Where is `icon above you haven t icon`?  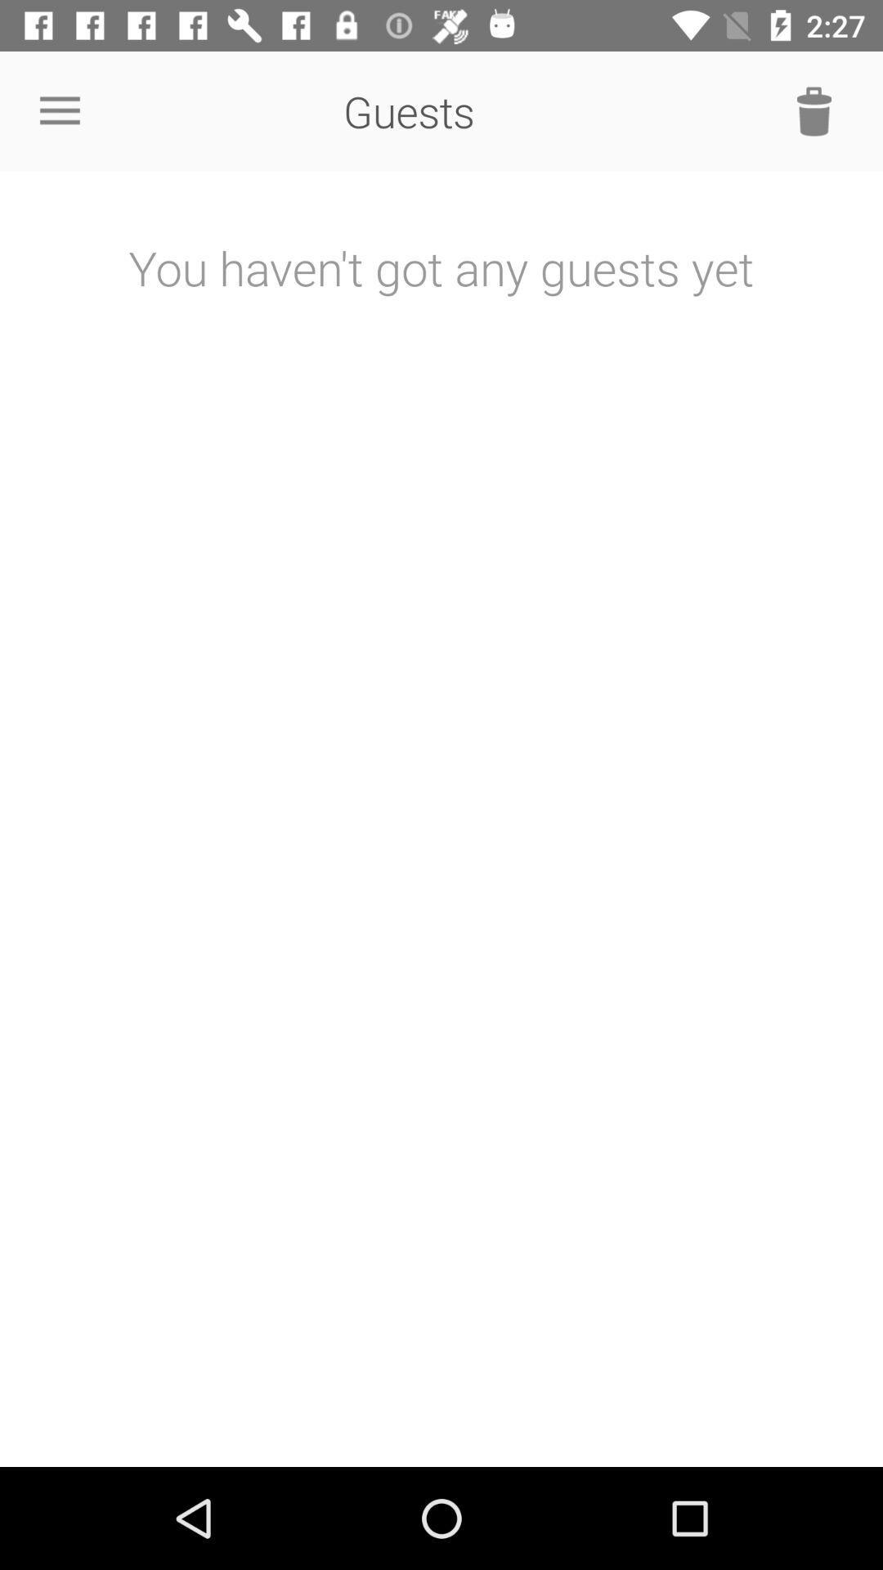
icon above you haven t icon is located at coordinates (814, 110).